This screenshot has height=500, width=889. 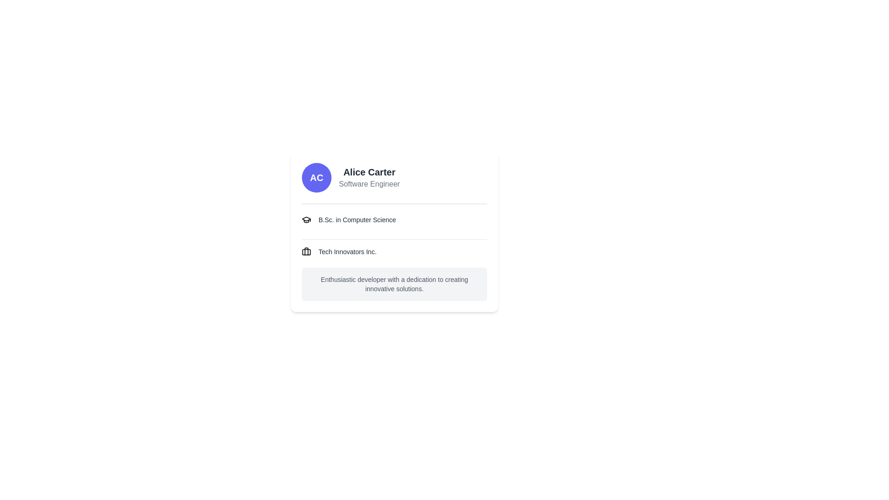 I want to click on the Profile Icon representing 'Alice Carter' located at the top-left corner of the card, so click(x=317, y=178).